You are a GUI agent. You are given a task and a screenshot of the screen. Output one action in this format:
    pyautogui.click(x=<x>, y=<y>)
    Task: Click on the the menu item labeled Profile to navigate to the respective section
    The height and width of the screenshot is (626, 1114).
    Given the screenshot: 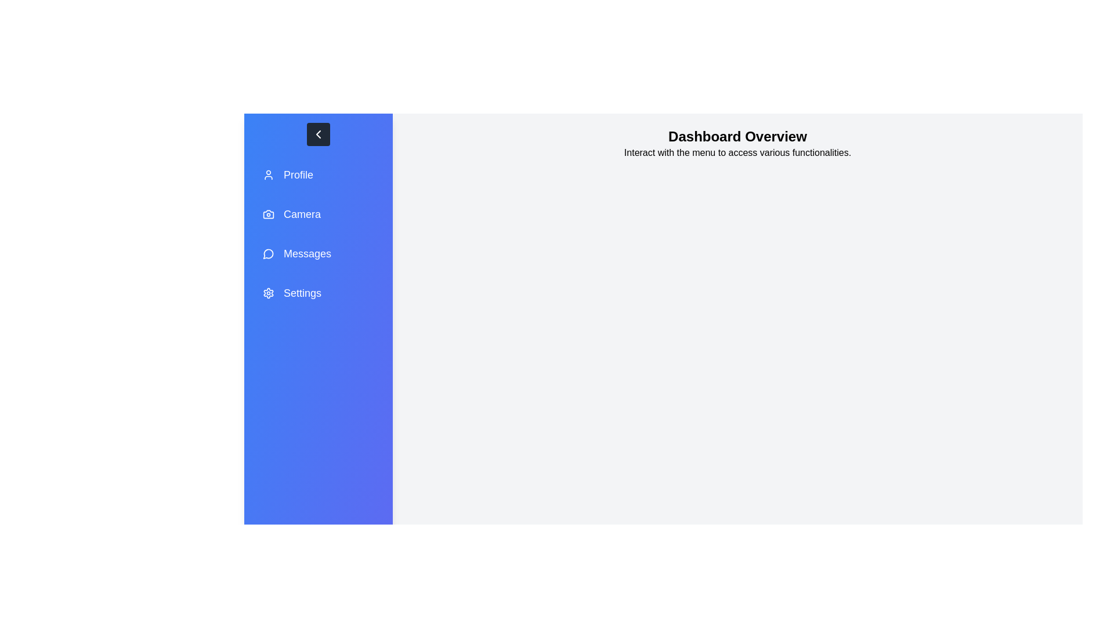 What is the action you would take?
    pyautogui.click(x=318, y=174)
    